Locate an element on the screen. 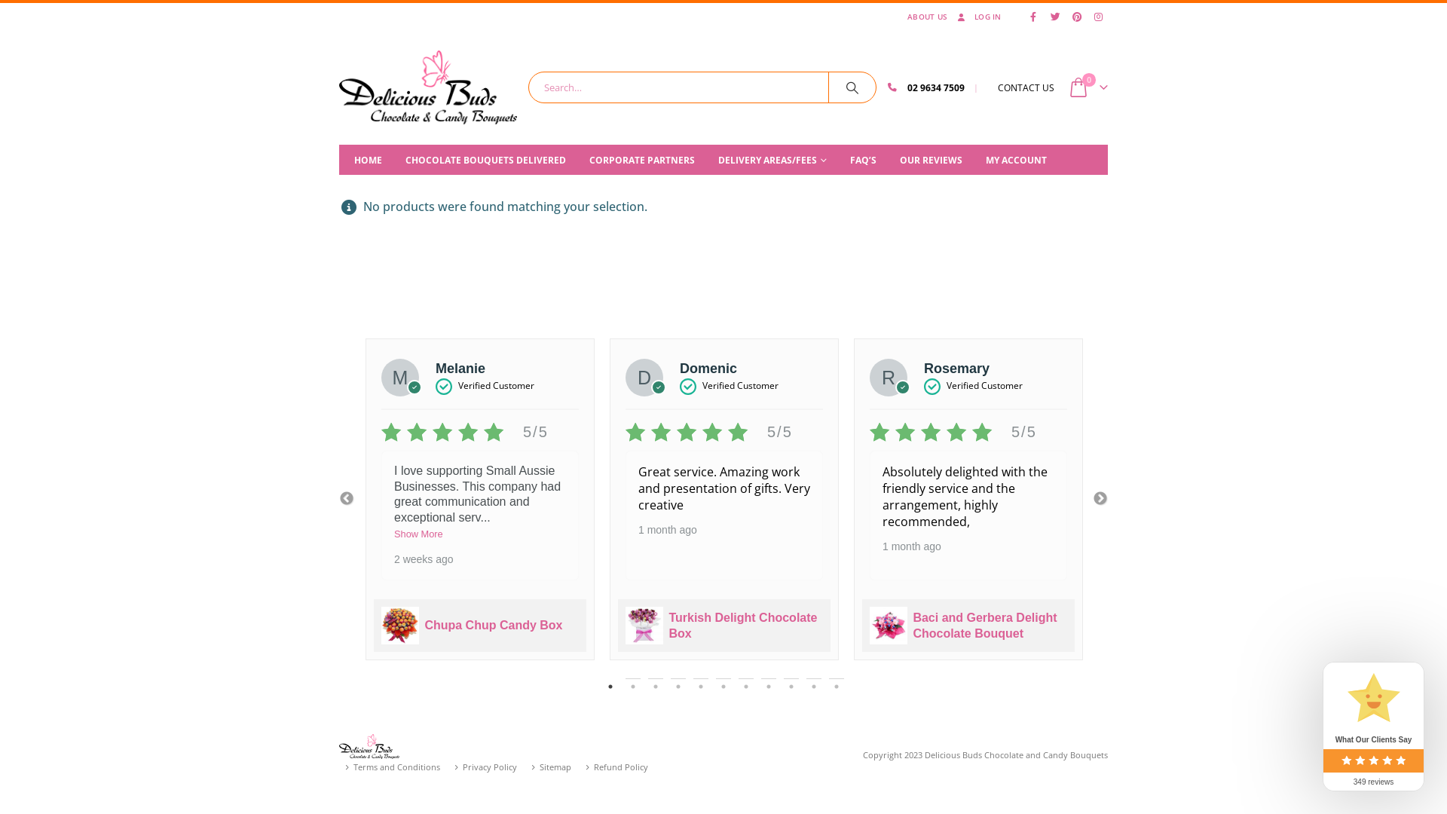 This screenshot has height=814, width=1447. 'Instagram' is located at coordinates (1098, 17).